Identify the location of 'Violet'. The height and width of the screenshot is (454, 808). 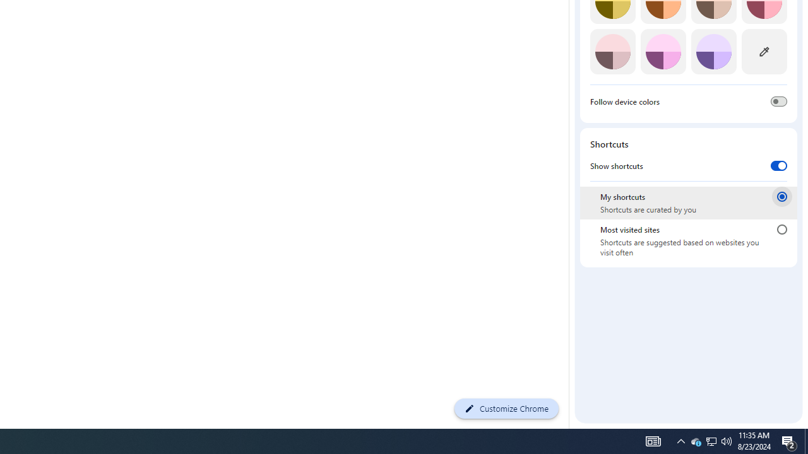
(713, 51).